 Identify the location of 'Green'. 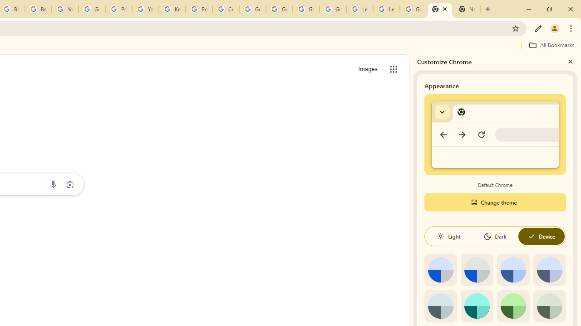
(513, 306).